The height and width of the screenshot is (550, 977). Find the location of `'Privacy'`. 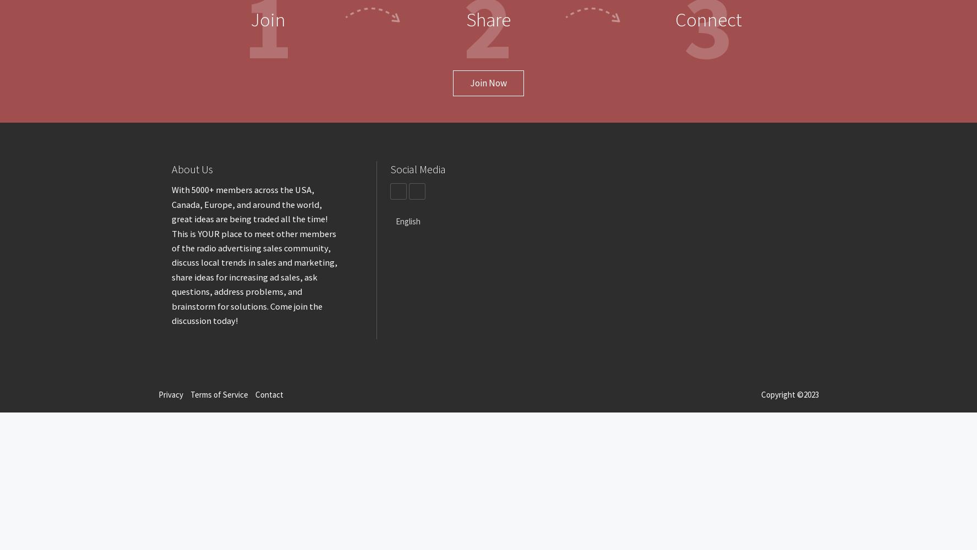

'Privacy' is located at coordinates (170, 394).